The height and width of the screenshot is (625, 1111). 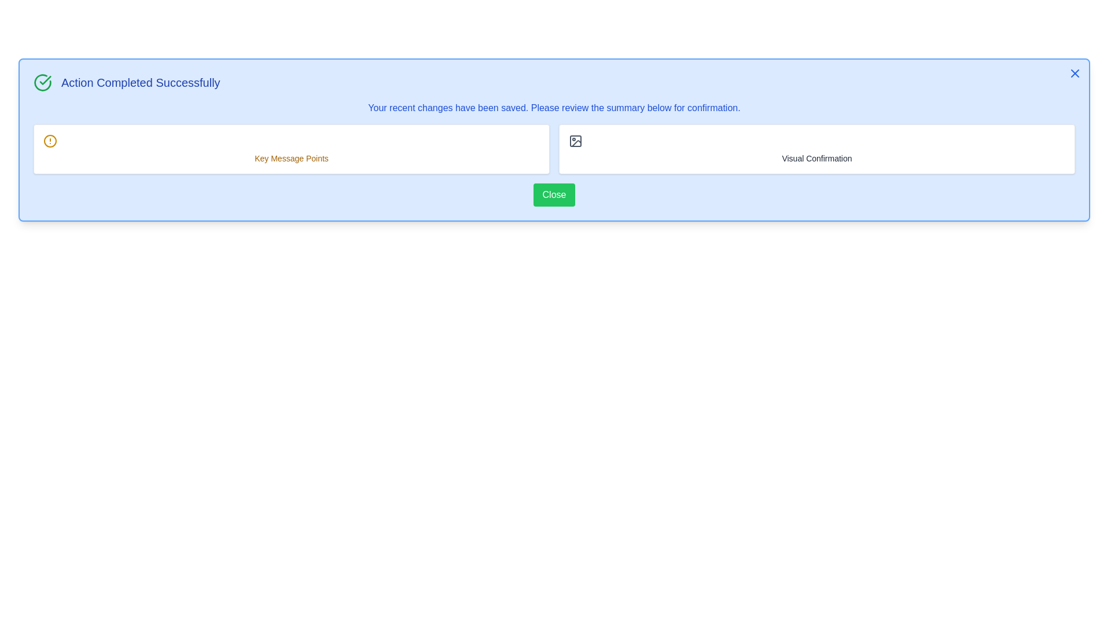 What do you see at coordinates (554, 194) in the screenshot?
I see `the 'Close' button to dismiss the alert` at bounding box center [554, 194].